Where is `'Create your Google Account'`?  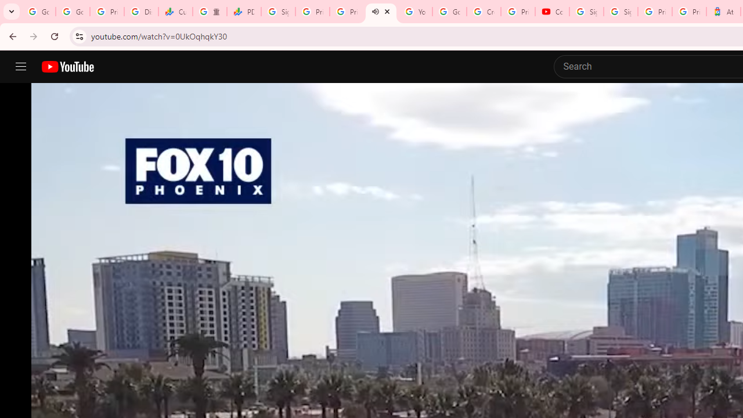
'Create your Google Account' is located at coordinates (484, 12).